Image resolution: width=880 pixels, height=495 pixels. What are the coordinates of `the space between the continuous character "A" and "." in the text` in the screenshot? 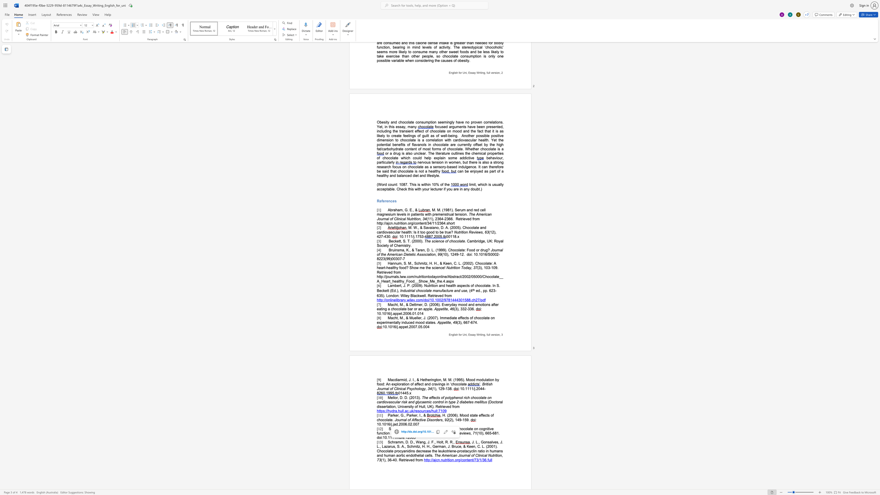 It's located at (406, 428).